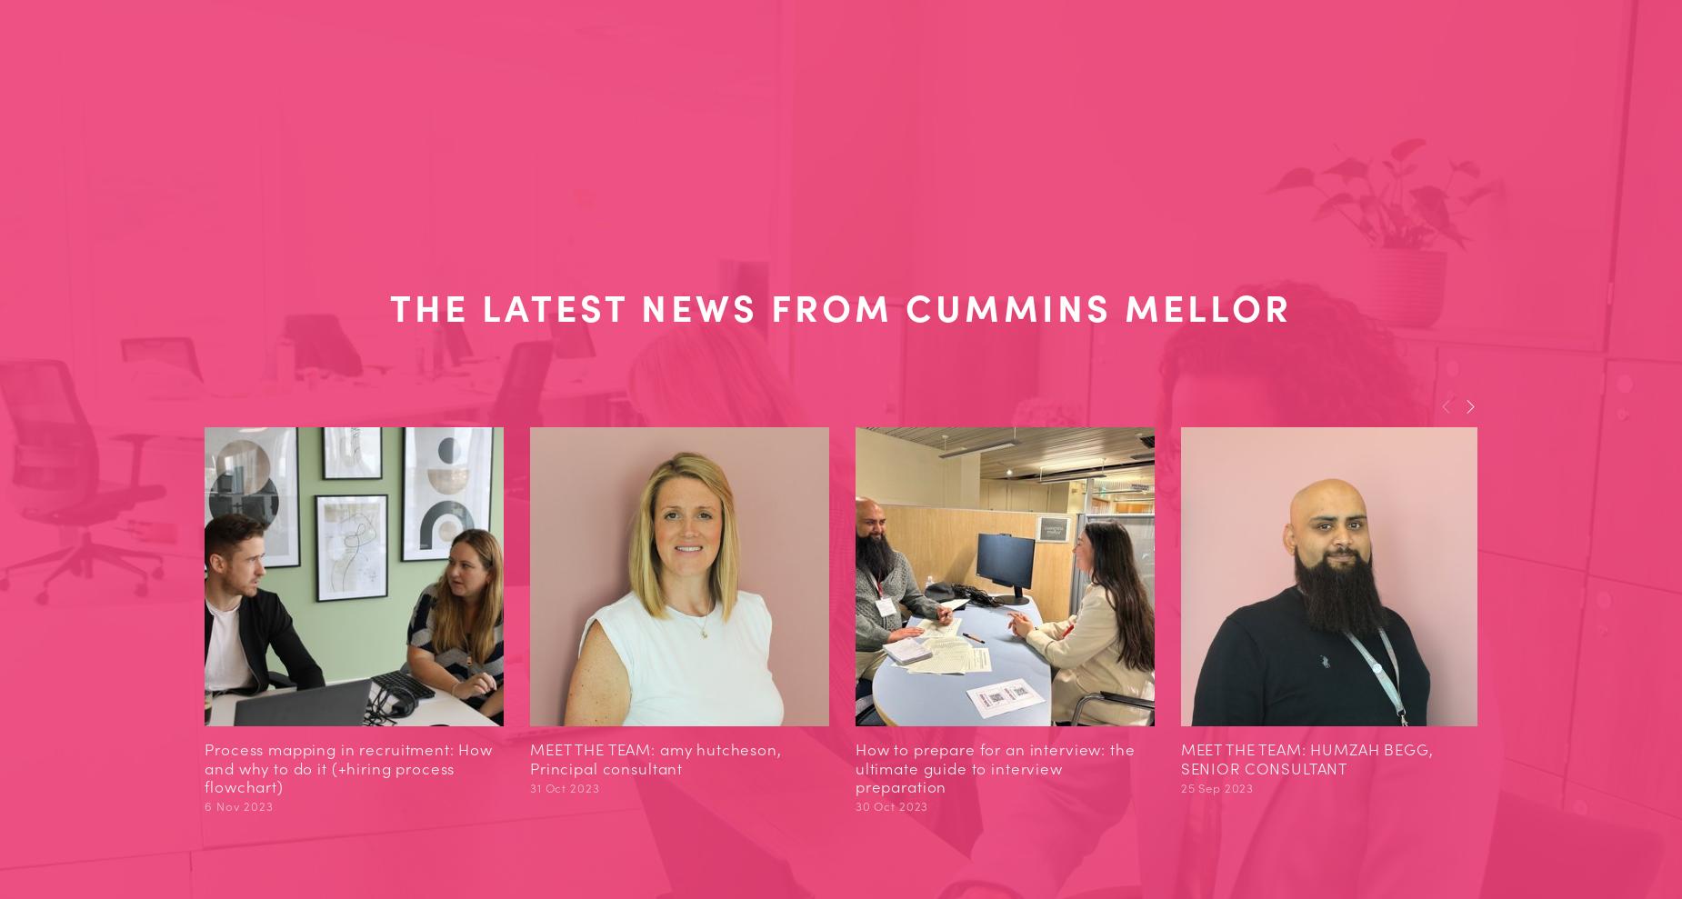 The width and height of the screenshot is (1682, 899). What do you see at coordinates (347, 767) in the screenshot?
I see `'Process mapping in recruitment: How and why to do it (+hiring process flowchart)'` at bounding box center [347, 767].